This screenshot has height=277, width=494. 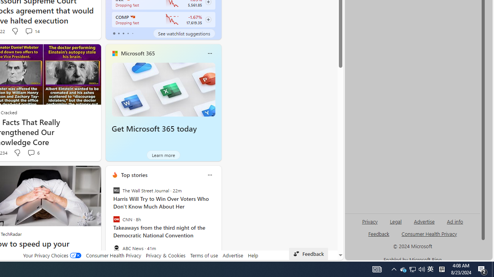 What do you see at coordinates (132, 33) in the screenshot?
I see `'tab-4'` at bounding box center [132, 33].